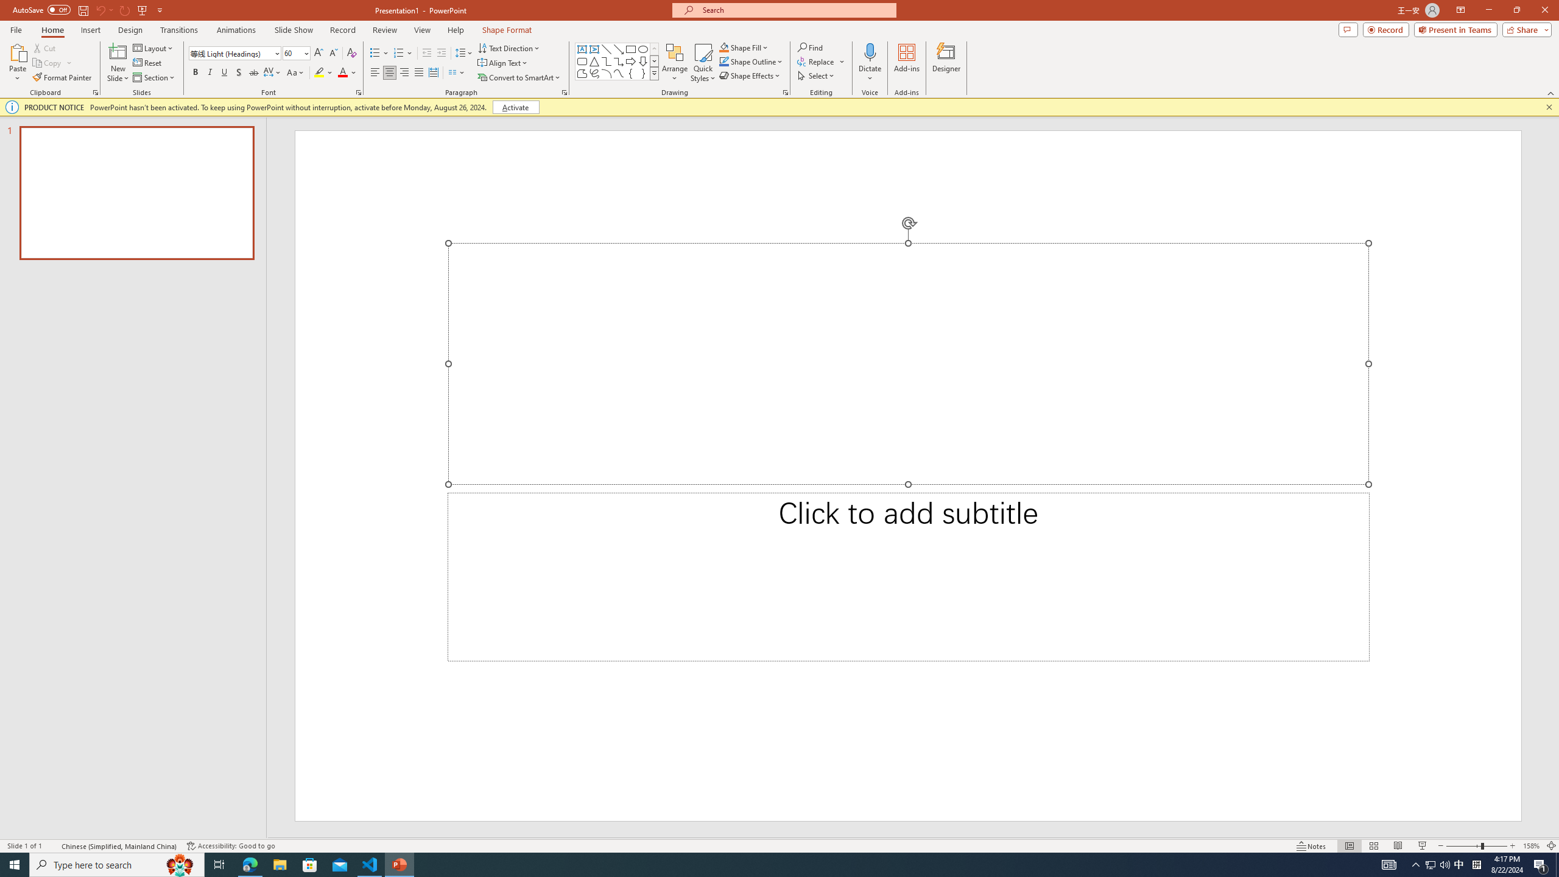 The image size is (1559, 877). I want to click on 'Freeform: Shape', so click(582, 72).